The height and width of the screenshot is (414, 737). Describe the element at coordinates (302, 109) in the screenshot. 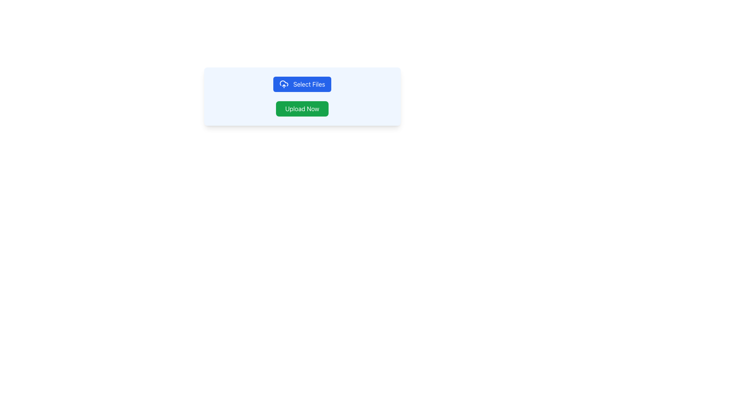

I see `the green rectangular button labeled 'Upload Now'` at that location.